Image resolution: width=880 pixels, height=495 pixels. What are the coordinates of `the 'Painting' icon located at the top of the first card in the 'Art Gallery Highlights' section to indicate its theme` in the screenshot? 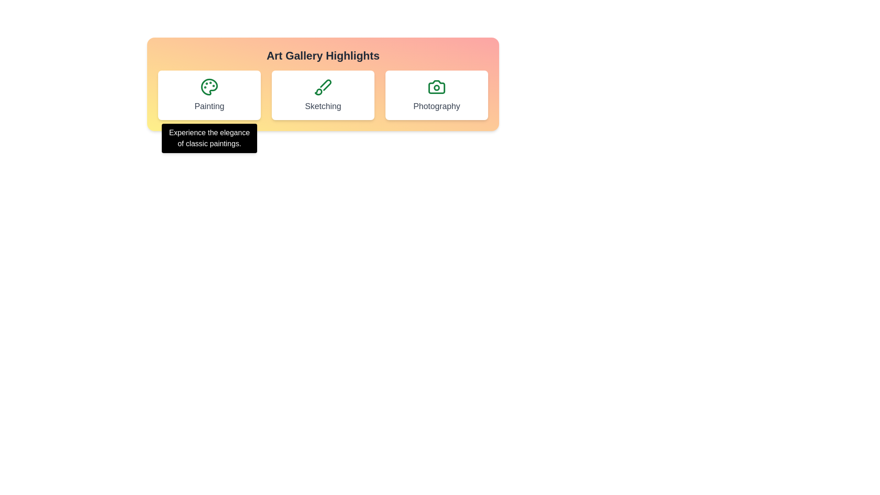 It's located at (209, 87).